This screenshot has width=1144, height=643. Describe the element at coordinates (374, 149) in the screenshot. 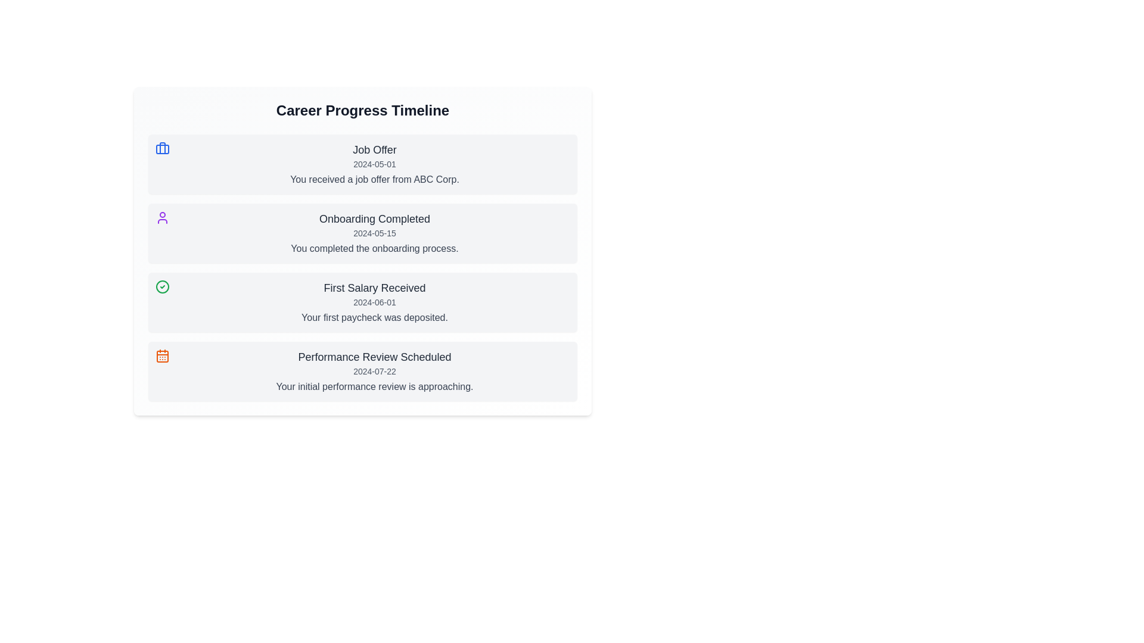

I see `the 'Job Offer' text label` at that location.